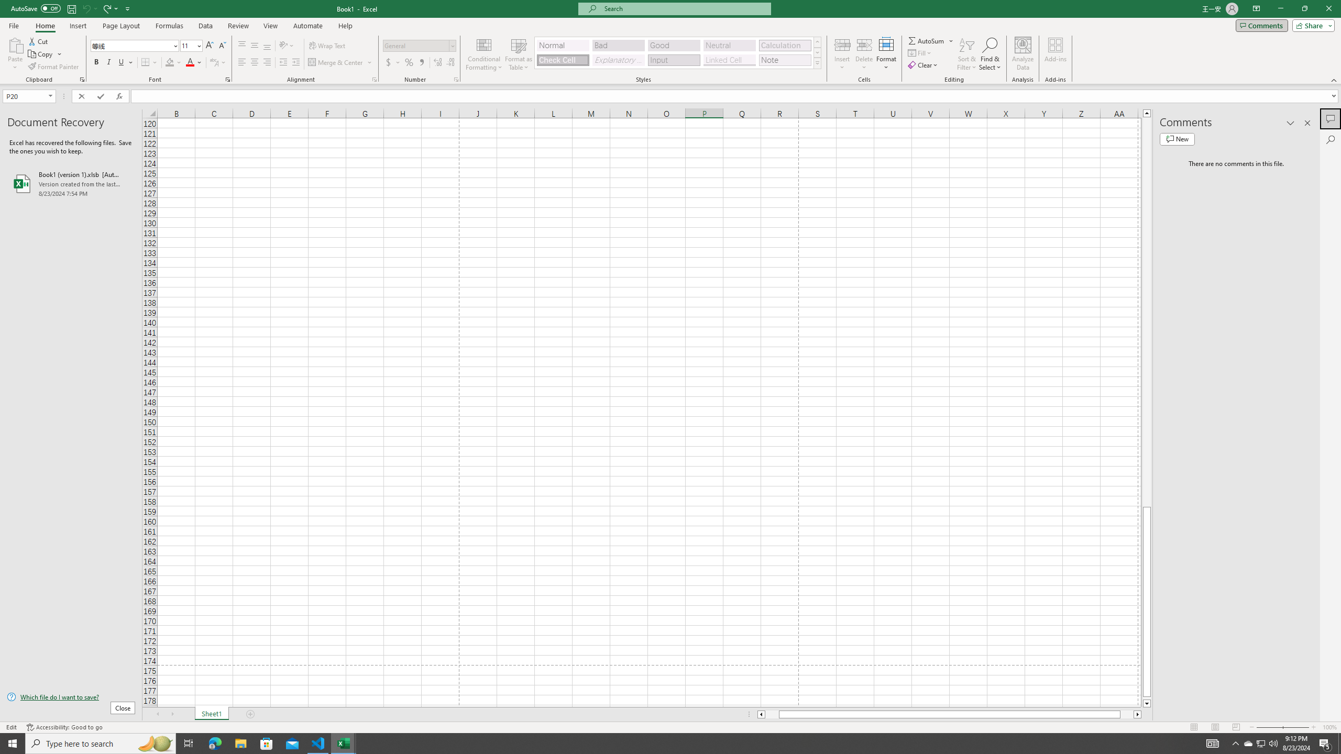 The image size is (1341, 754). I want to click on 'Paste', so click(15, 44).